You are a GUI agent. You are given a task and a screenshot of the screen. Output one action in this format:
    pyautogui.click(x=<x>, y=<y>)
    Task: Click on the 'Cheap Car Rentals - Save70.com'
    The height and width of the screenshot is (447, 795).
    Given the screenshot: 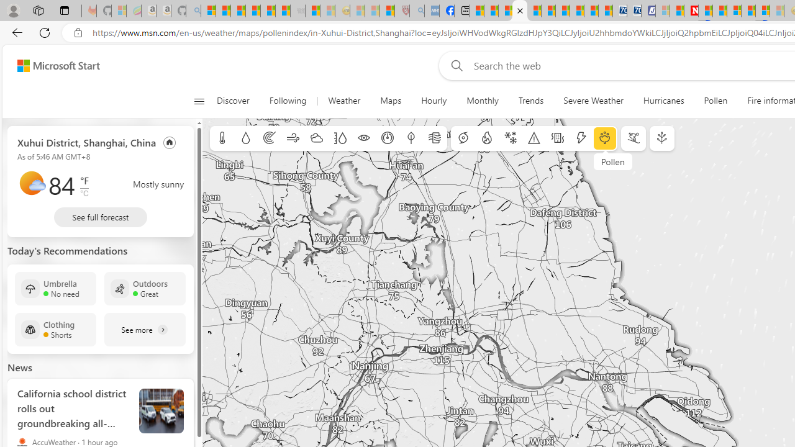 What is the action you would take?
    pyautogui.click(x=619, y=11)
    